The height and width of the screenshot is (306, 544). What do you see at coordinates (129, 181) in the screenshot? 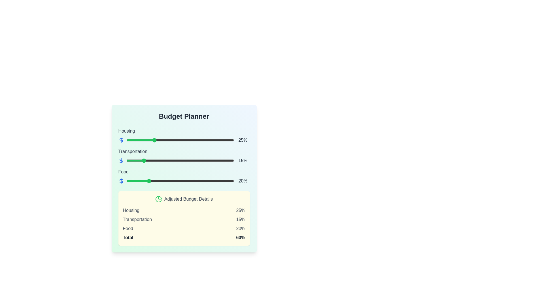
I see `the slider value` at bounding box center [129, 181].